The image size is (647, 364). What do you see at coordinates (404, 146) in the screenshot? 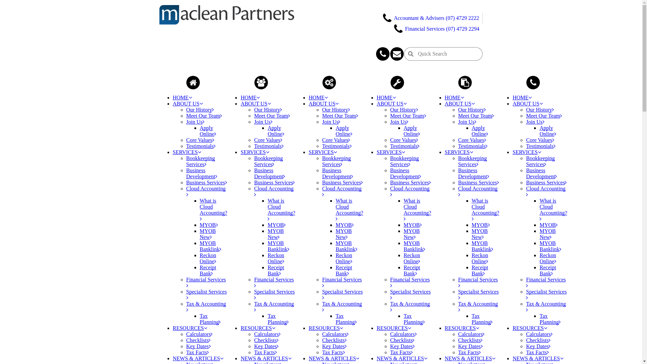
I see `'Testimonials'` at bounding box center [404, 146].